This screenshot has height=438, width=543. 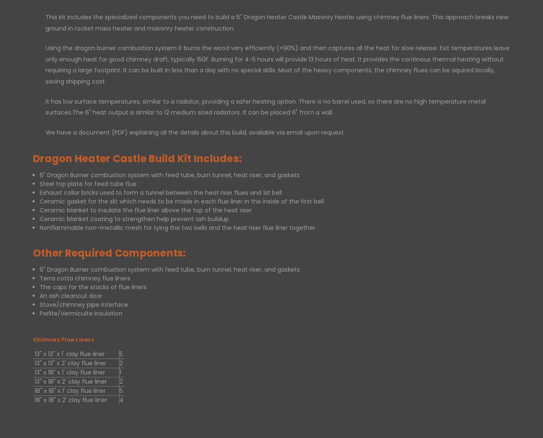 I want to click on 'Connect With Us', so click(x=312, y=205).